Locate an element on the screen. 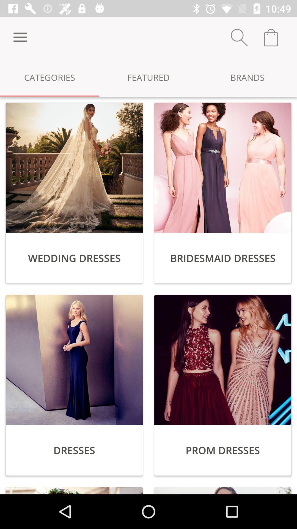 The height and width of the screenshot is (529, 297). icon above the brands icon is located at coordinates (239, 37).